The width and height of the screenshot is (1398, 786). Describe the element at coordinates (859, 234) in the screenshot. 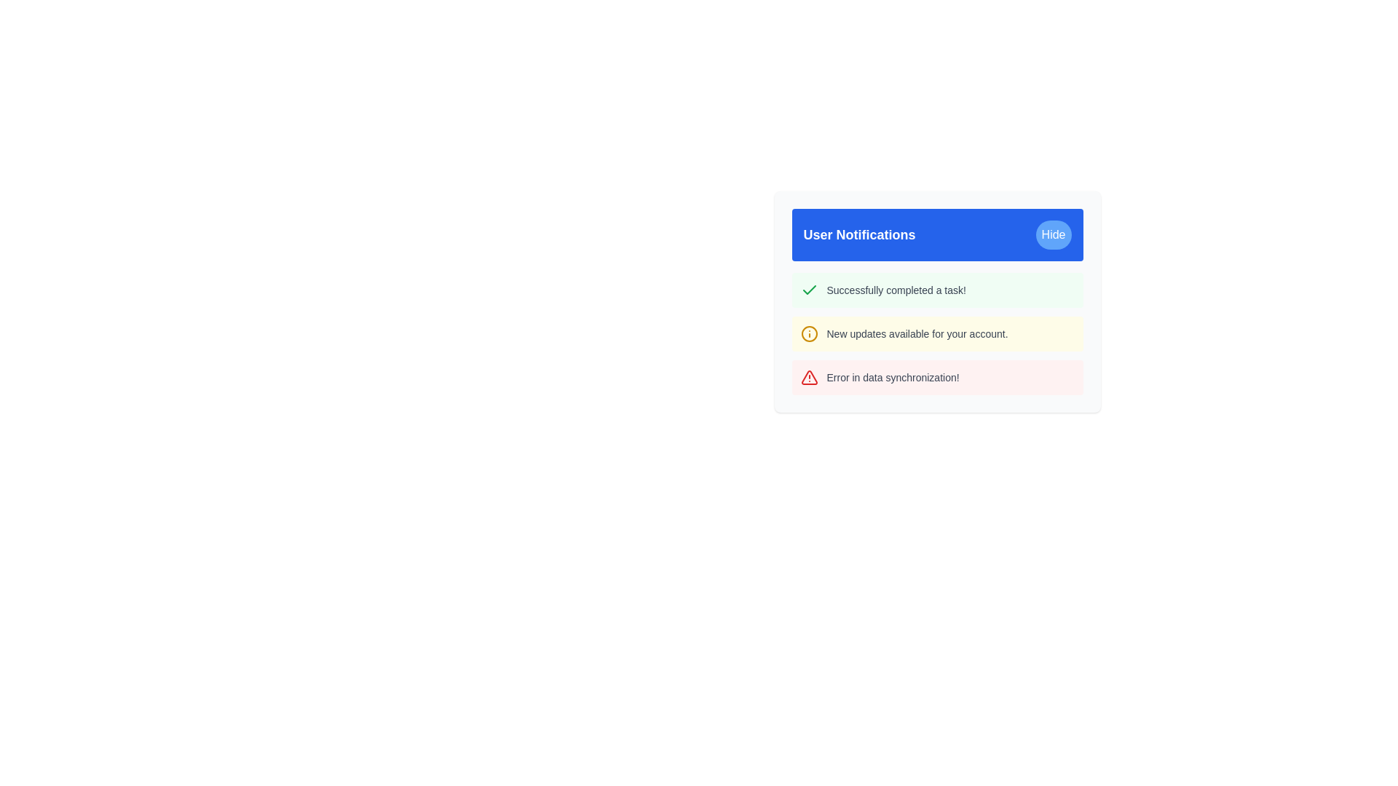

I see `the 'User Notifications' label which displays bold white text on a blue background, located in the header section of the notification box` at that location.